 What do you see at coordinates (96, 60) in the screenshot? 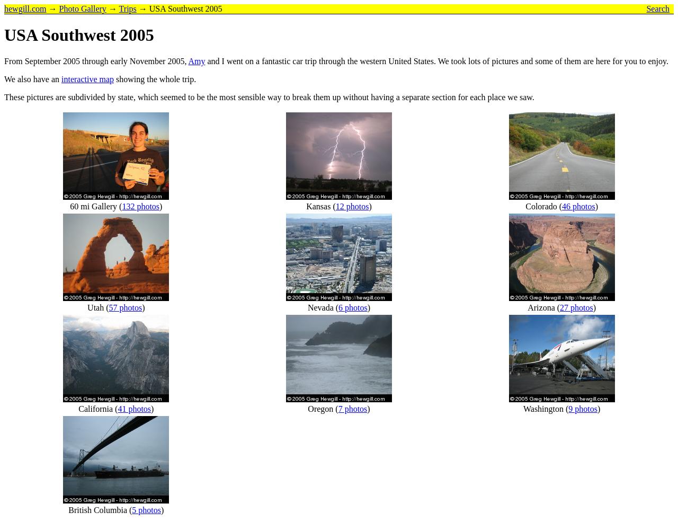
I see `'From September 2005 through early November 2005,'` at bounding box center [96, 60].